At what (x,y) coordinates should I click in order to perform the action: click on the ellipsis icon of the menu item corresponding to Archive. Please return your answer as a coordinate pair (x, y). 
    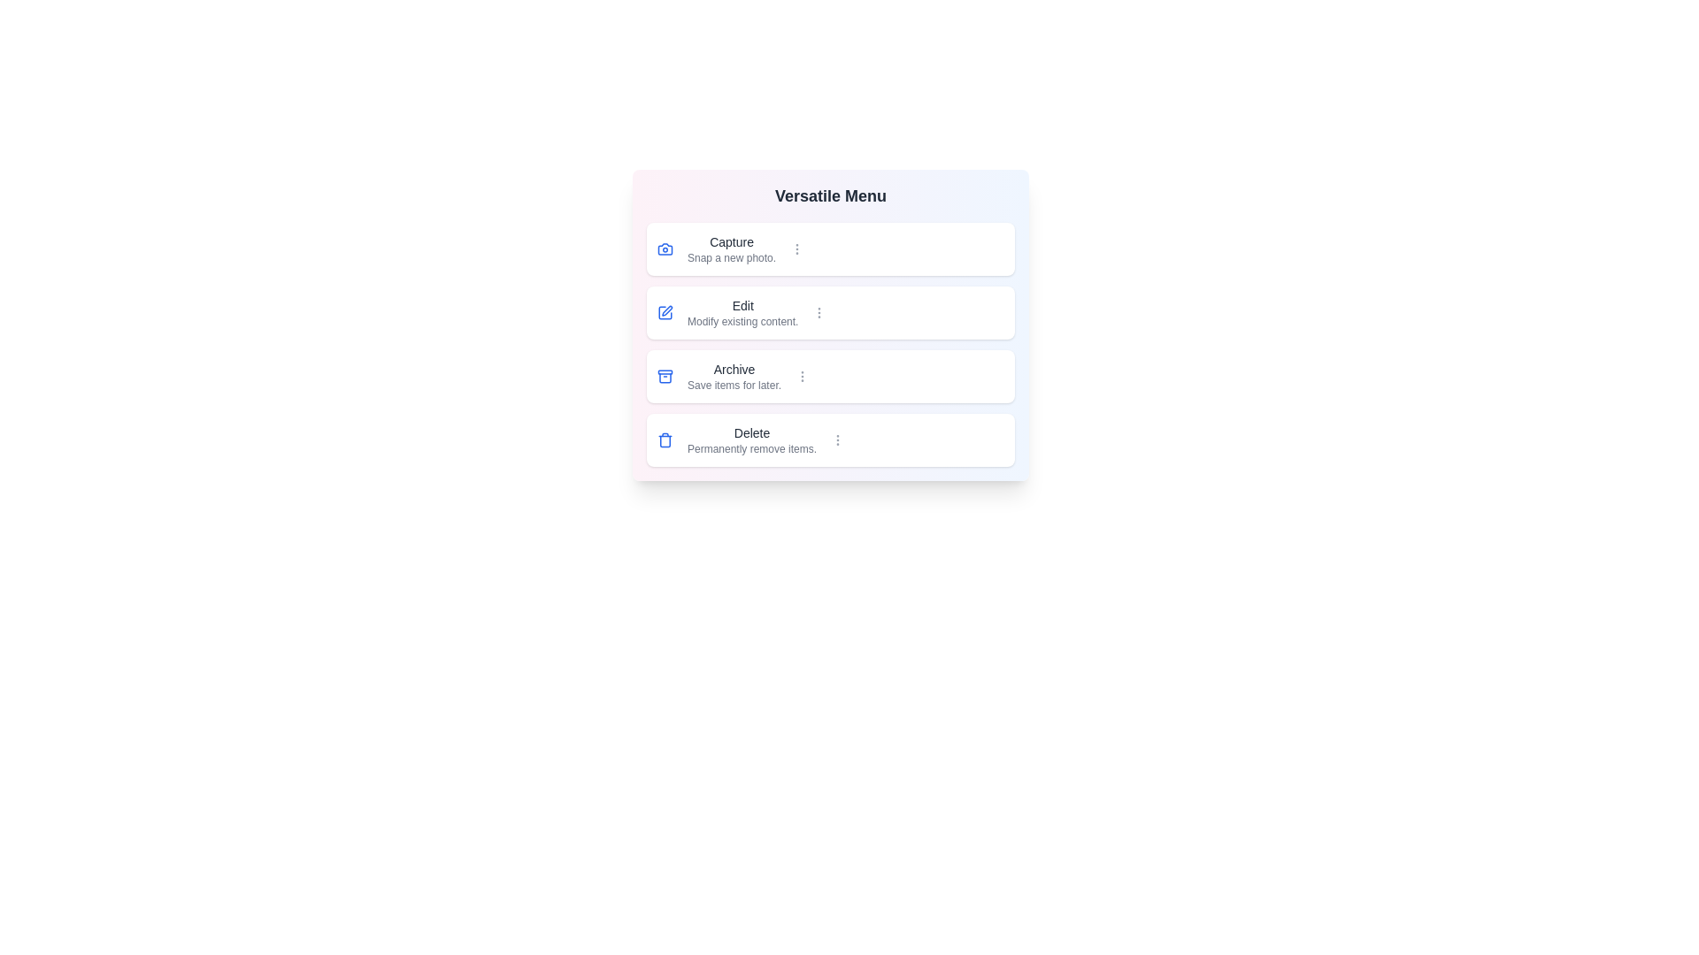
    Looking at the image, I should click on (802, 375).